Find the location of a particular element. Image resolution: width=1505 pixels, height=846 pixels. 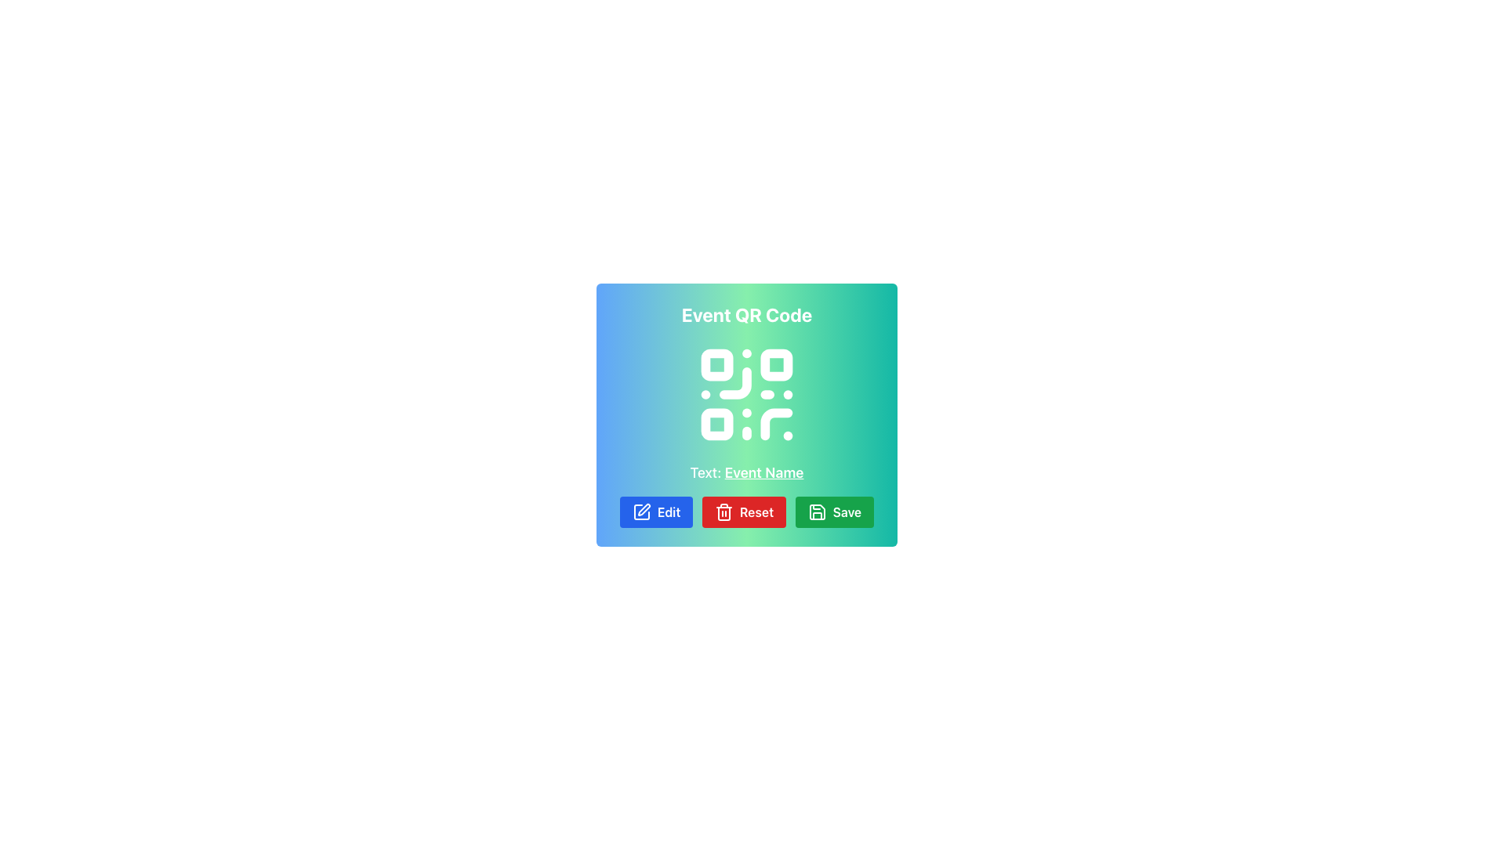

the first square graphic component in the top-left corner of the QR code symbol within the 'Event QR Code' block is located at coordinates (716, 365).